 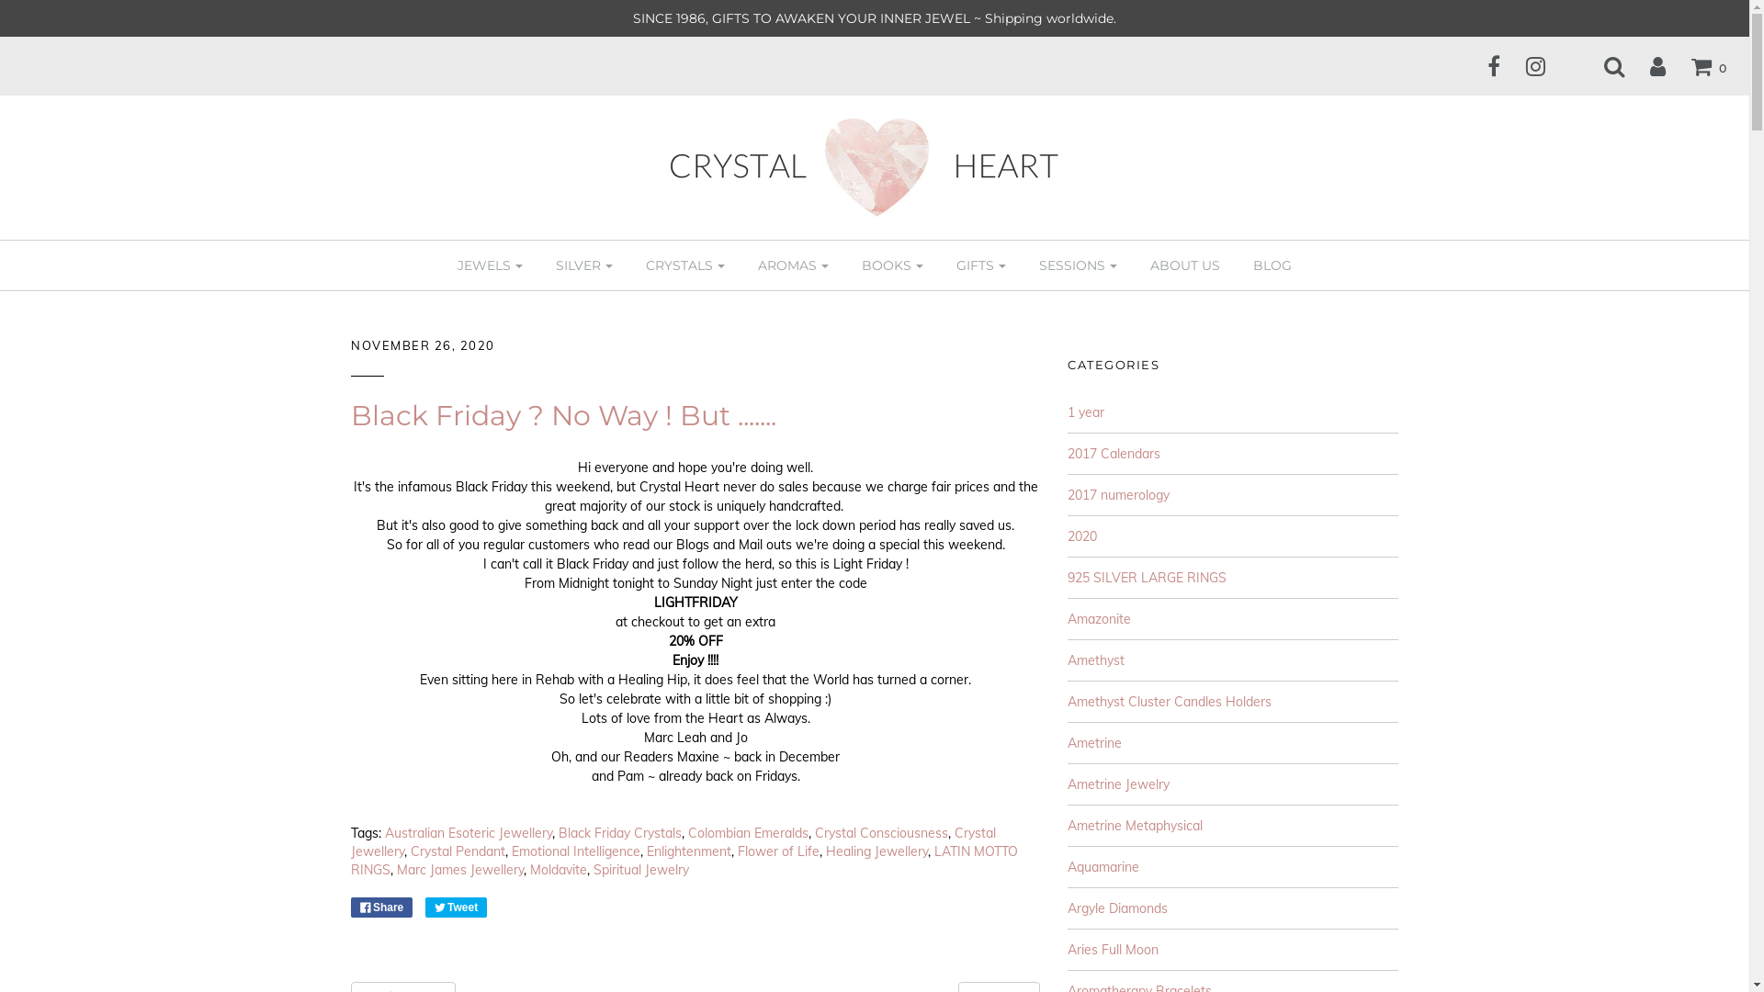 What do you see at coordinates (1146, 576) in the screenshot?
I see `'925 SILVER LARGE RINGS'` at bounding box center [1146, 576].